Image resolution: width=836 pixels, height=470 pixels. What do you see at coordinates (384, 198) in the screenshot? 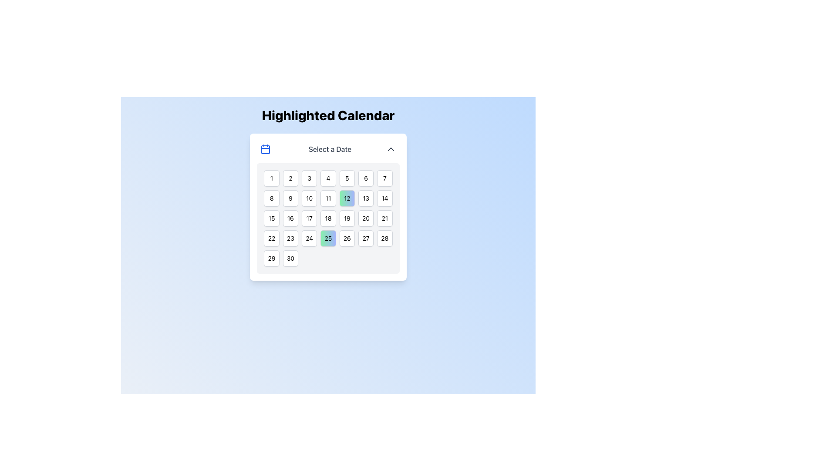
I see `the button displaying the number '14' with a rounded border and white background, located in the seventh column of the second row of the calendar grid` at bounding box center [384, 198].